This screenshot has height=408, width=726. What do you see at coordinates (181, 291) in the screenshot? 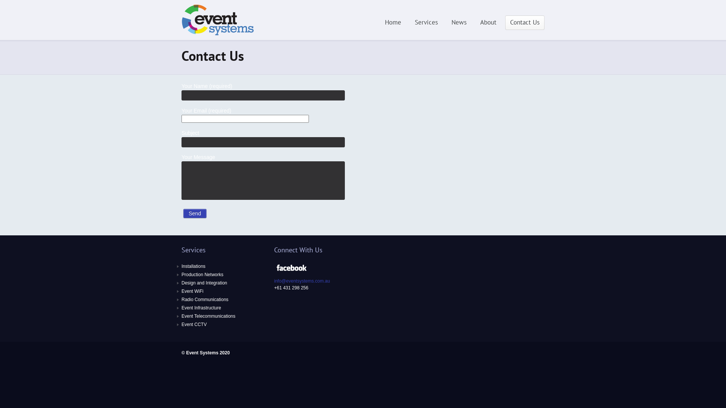
I see `'Event WiFi'` at bounding box center [181, 291].